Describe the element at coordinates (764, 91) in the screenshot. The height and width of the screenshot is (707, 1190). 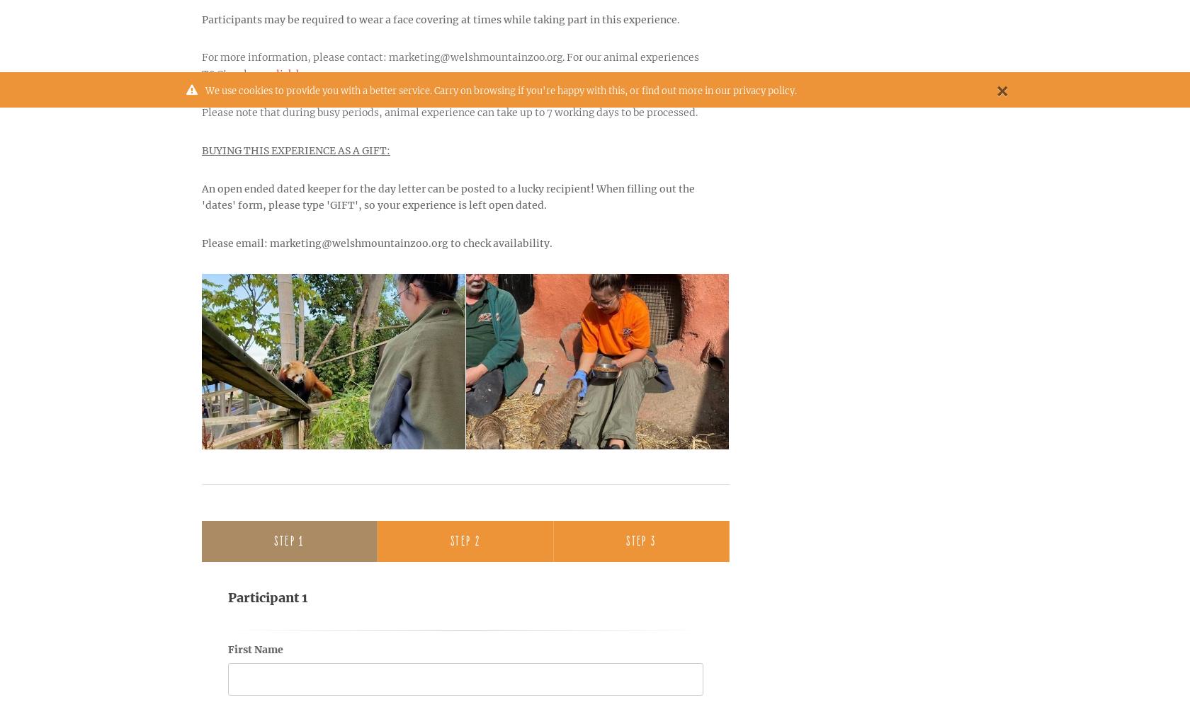
I see `'privacy policy'` at that location.